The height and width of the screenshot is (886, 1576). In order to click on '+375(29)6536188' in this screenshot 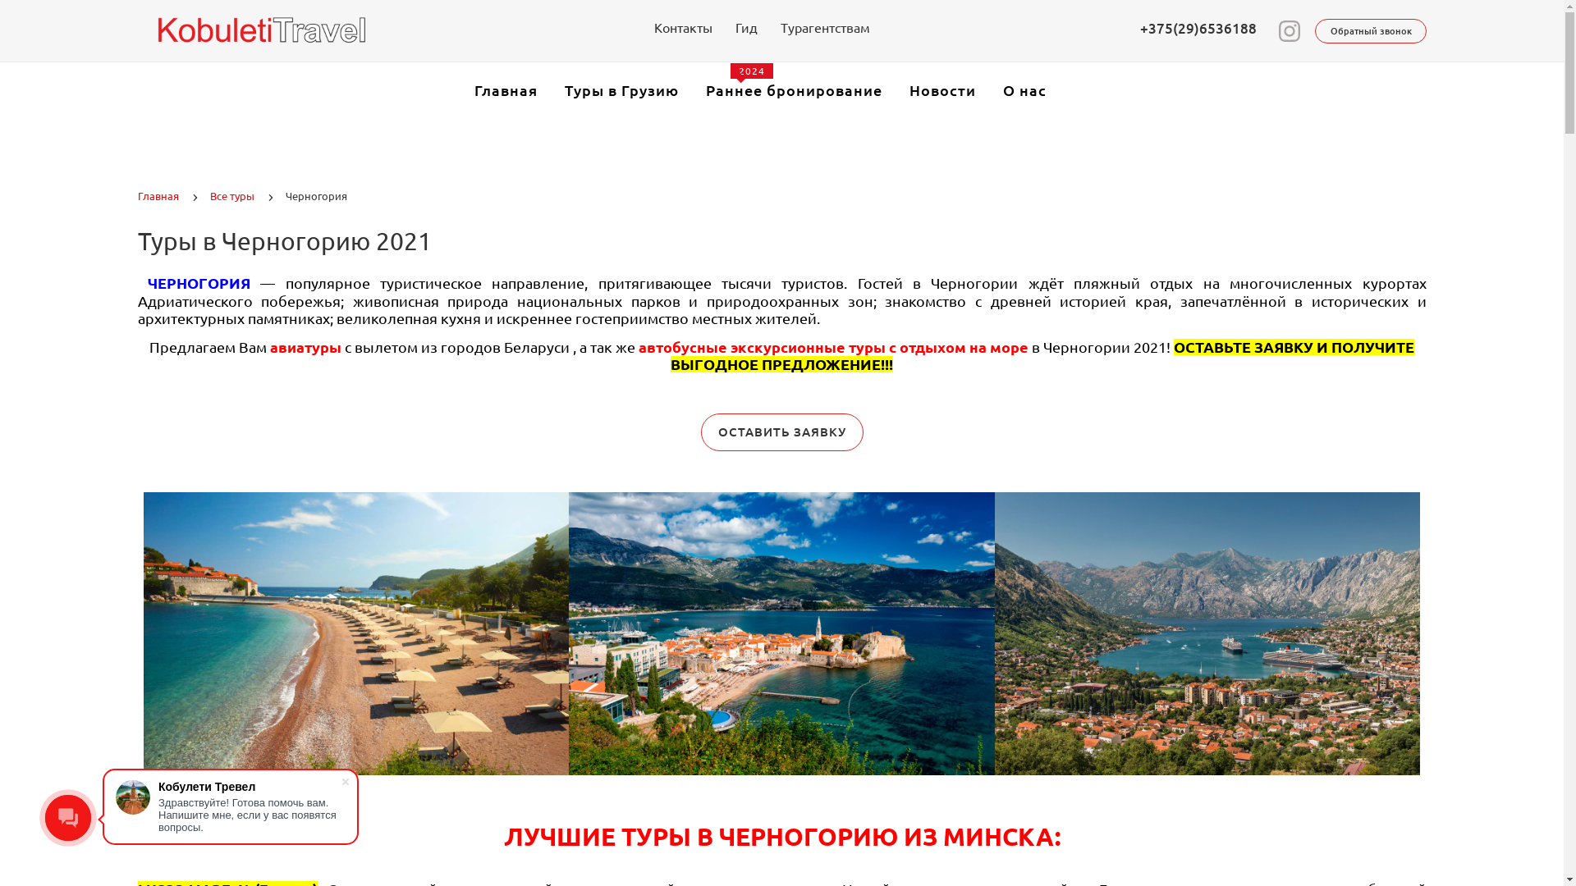, I will do `click(1198, 28)`.